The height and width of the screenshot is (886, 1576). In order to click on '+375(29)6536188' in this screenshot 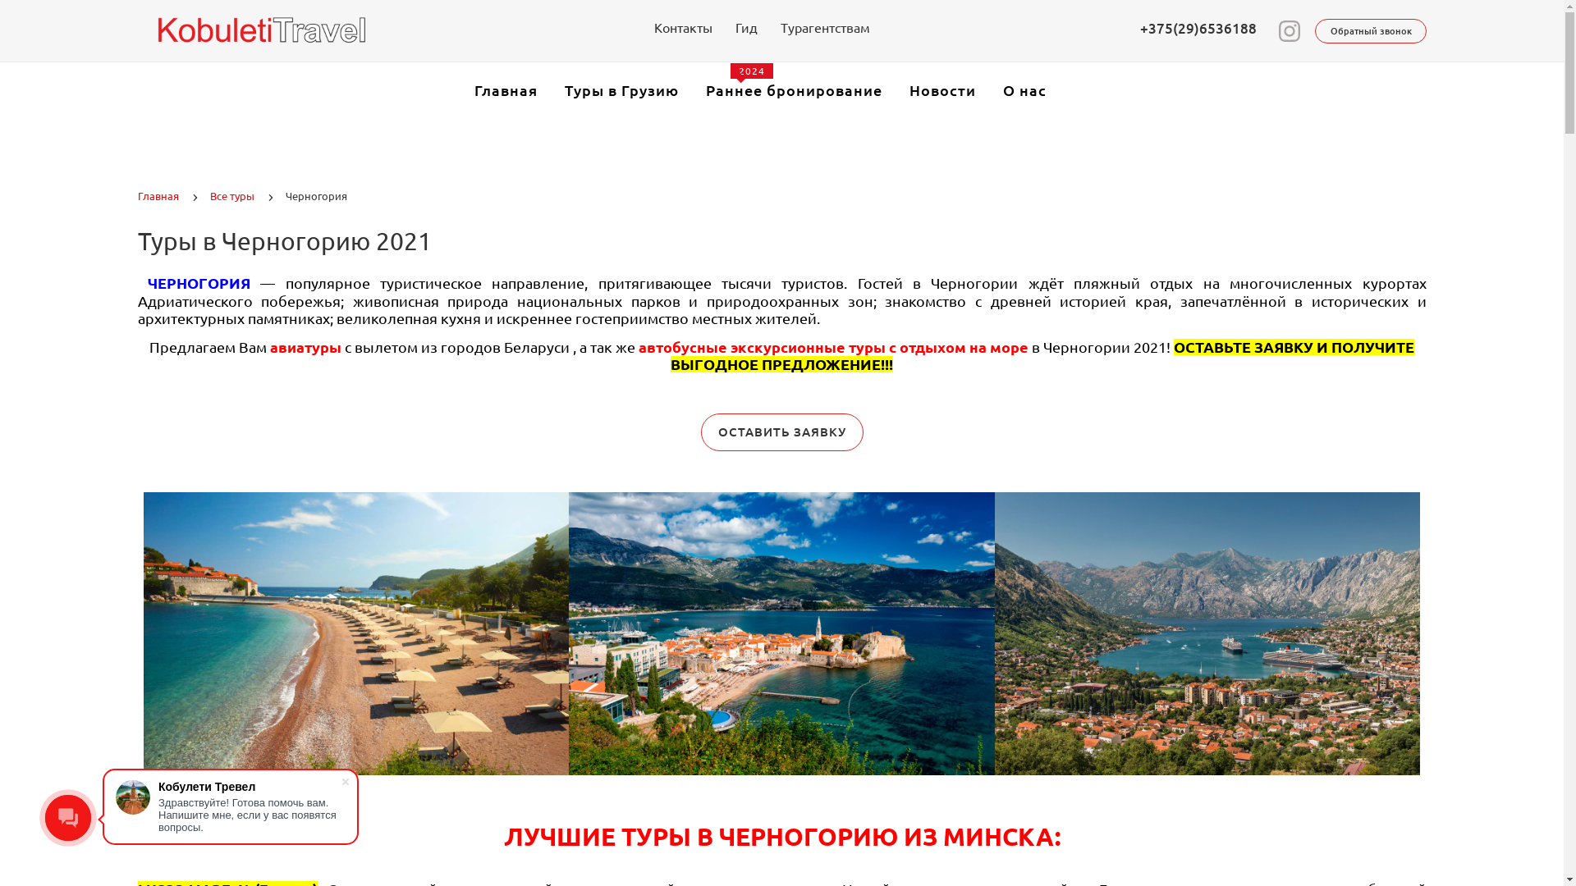, I will do `click(1198, 28)`.